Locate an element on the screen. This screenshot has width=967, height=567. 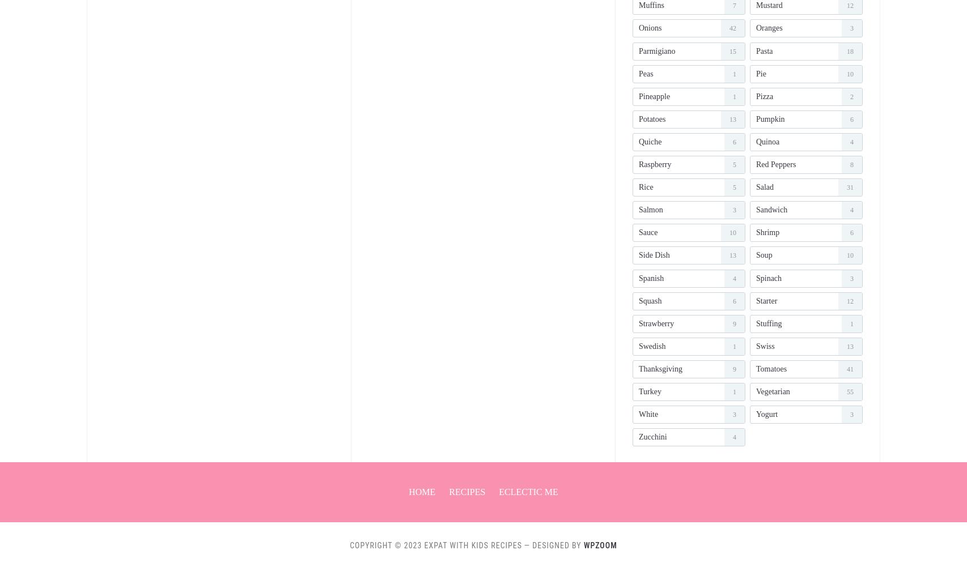
'muffins' is located at coordinates (651, 5).